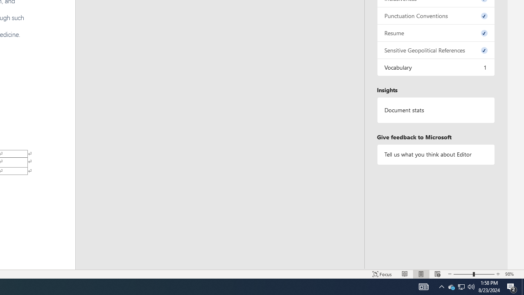  What do you see at coordinates (435, 67) in the screenshot?
I see `'Vocabulary, 1 issue. Press space or enter to review items.'` at bounding box center [435, 67].